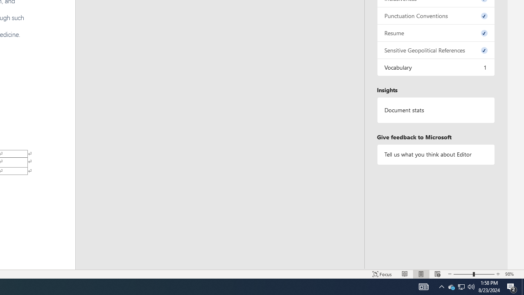  What do you see at coordinates (435, 67) in the screenshot?
I see `'Vocabulary, 1 issue. Press space or enter to review items.'` at bounding box center [435, 67].